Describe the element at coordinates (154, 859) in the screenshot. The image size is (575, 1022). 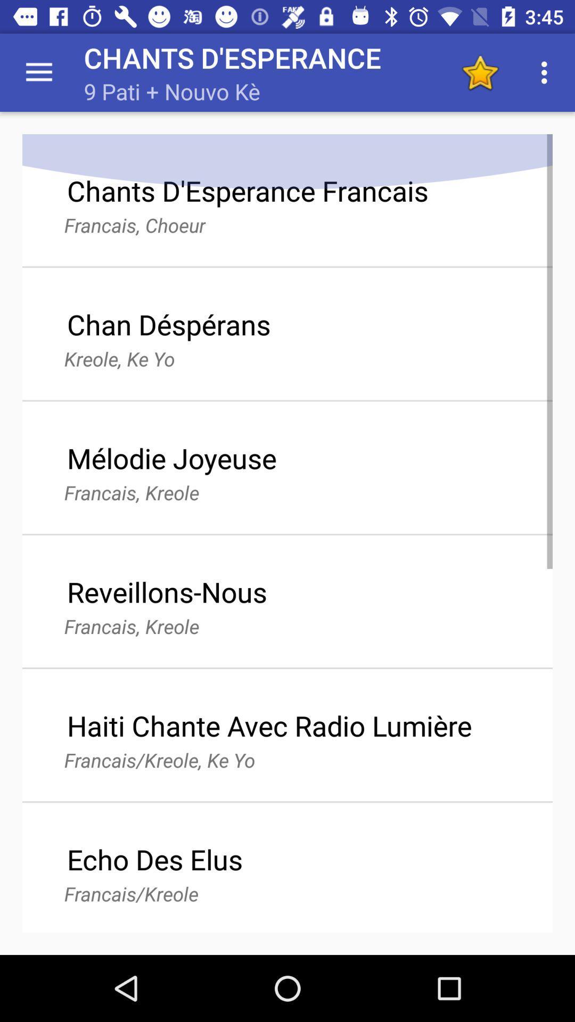
I see `echo des elus icon` at that location.